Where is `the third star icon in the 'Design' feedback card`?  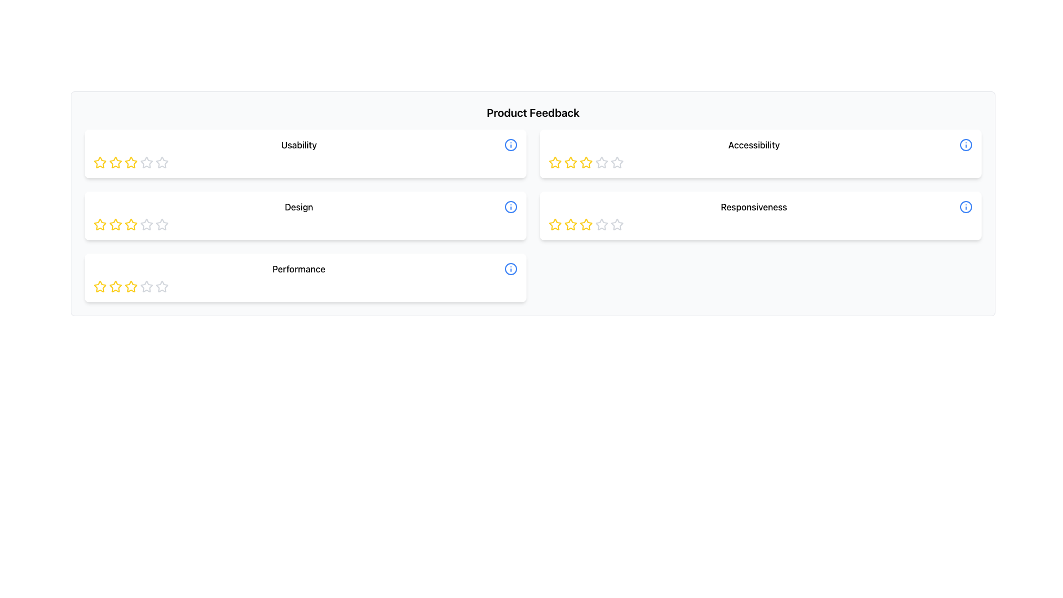 the third star icon in the 'Design' feedback card is located at coordinates (161, 224).